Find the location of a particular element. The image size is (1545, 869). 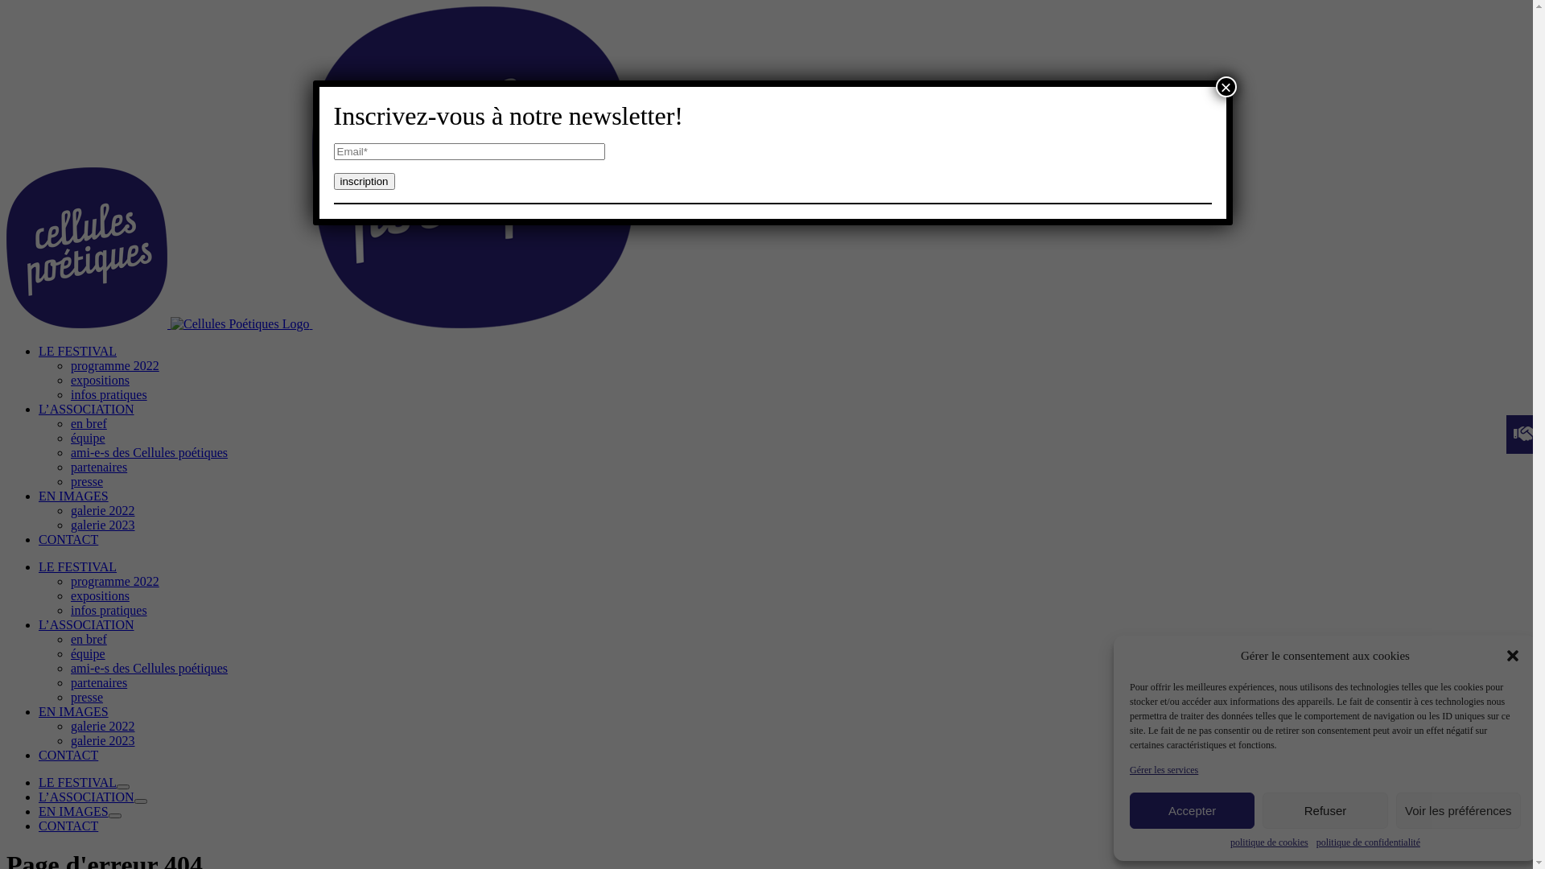

'partenaires' is located at coordinates (69, 682).